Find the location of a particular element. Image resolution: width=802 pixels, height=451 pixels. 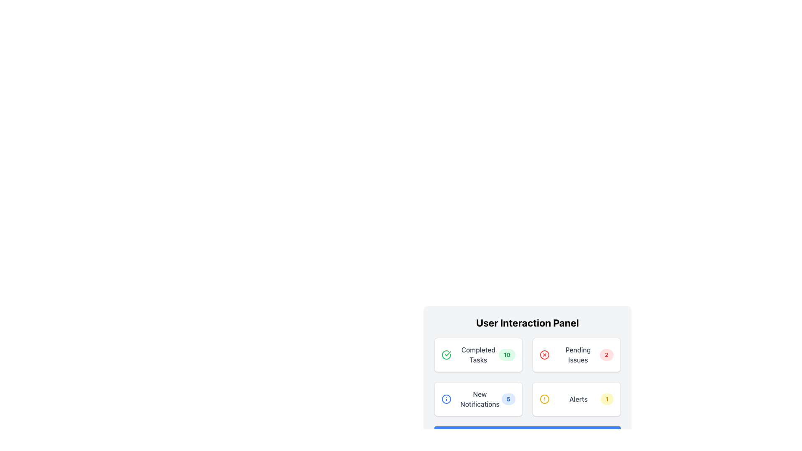

the decorative SVG graphic icon representing completed tasks located in the top-left panel labeled 'Completed Tasks' in the dashboard is located at coordinates (446, 355).